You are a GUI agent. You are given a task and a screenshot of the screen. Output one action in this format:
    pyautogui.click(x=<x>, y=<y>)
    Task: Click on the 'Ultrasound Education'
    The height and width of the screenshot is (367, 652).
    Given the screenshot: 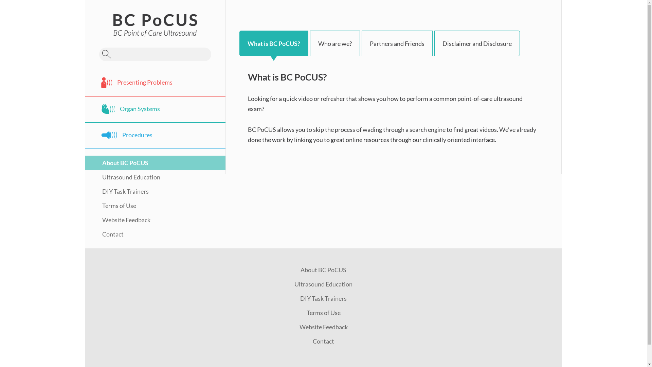 What is the action you would take?
    pyautogui.click(x=123, y=176)
    